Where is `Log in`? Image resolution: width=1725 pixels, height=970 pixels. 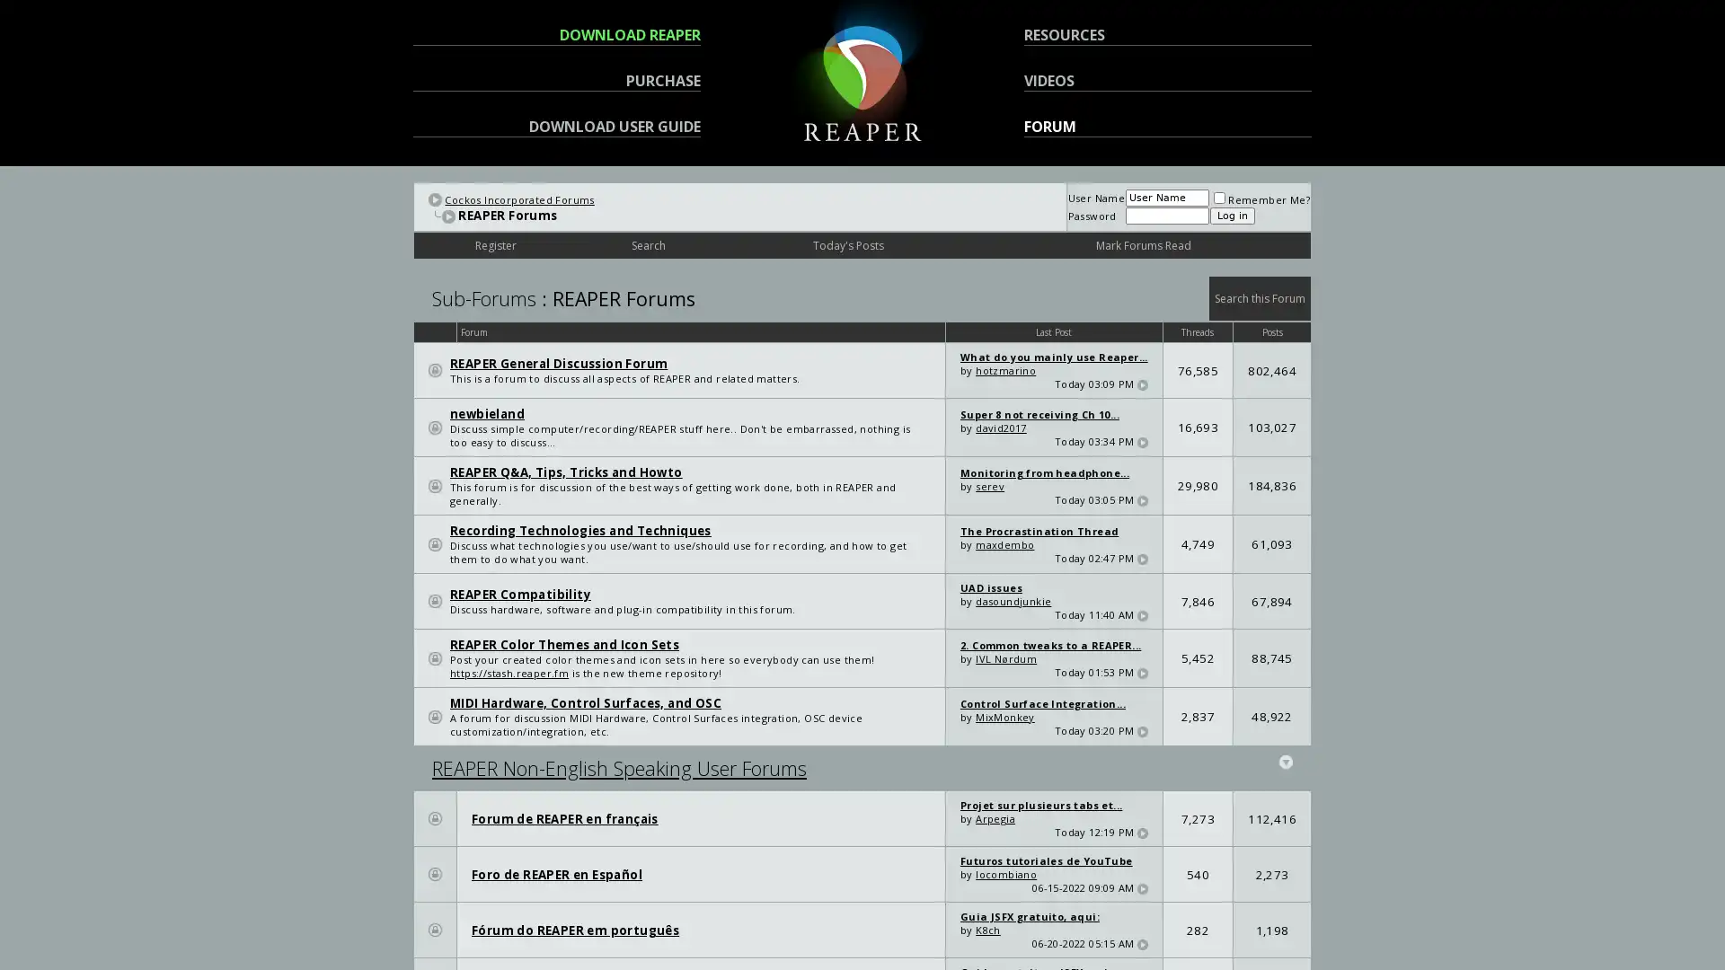
Log in is located at coordinates (1232, 215).